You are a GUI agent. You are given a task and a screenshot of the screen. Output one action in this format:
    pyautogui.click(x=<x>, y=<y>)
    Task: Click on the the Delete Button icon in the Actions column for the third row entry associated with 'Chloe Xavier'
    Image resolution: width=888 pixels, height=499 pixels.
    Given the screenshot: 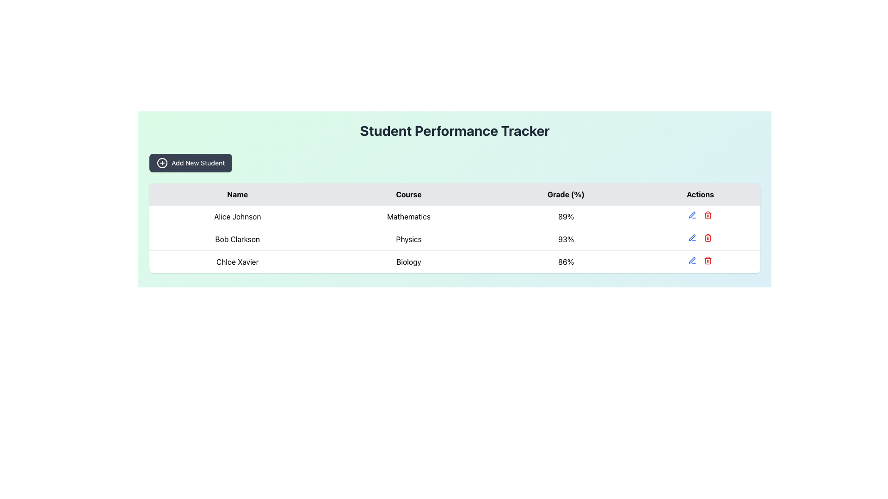 What is the action you would take?
    pyautogui.click(x=708, y=215)
    